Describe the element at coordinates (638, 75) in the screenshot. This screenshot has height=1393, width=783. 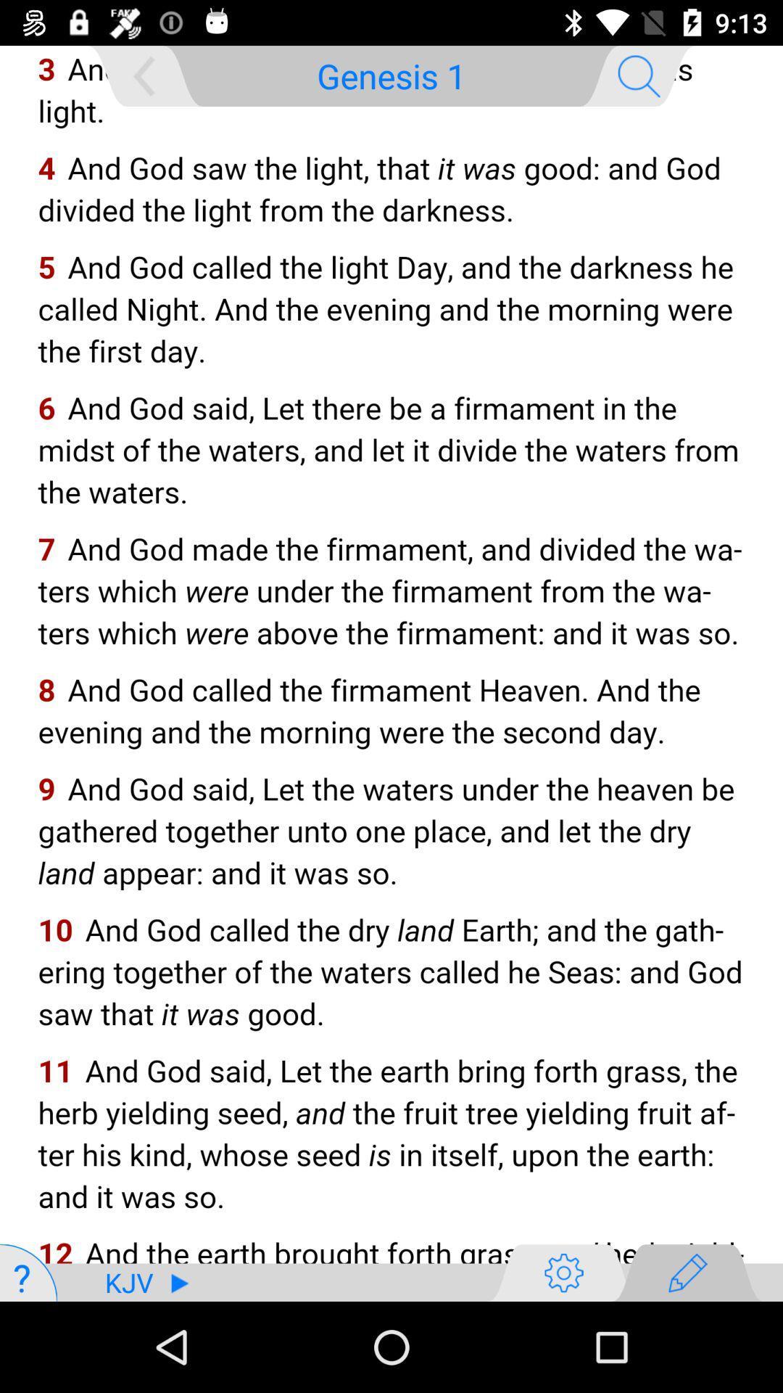
I see `the search icon` at that location.